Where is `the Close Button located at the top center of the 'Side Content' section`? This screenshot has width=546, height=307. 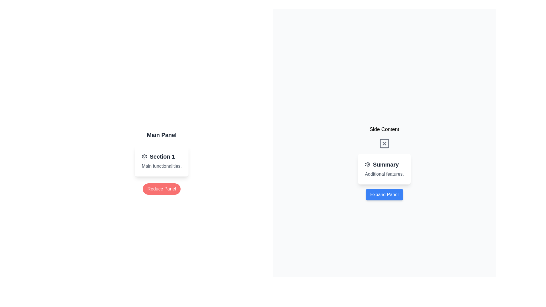 the Close Button located at the top center of the 'Side Content' section is located at coordinates (384, 143).